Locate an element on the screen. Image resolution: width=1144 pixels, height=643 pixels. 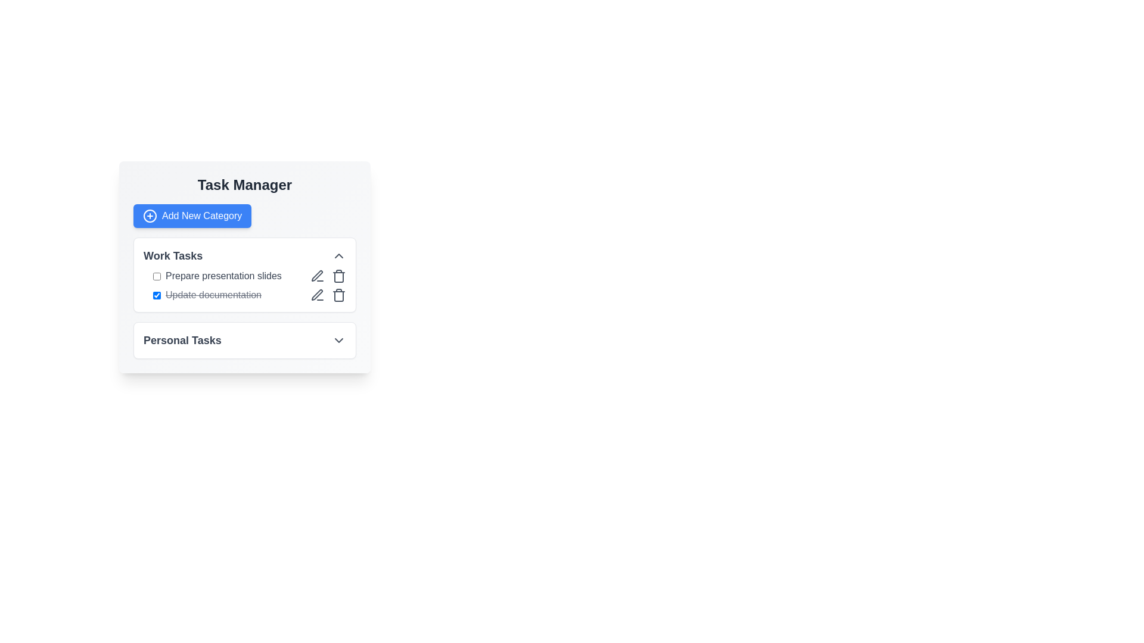
the checkbox located in the 'Work Tasks' section next to the 'Update documentation' task is located at coordinates (156, 295).